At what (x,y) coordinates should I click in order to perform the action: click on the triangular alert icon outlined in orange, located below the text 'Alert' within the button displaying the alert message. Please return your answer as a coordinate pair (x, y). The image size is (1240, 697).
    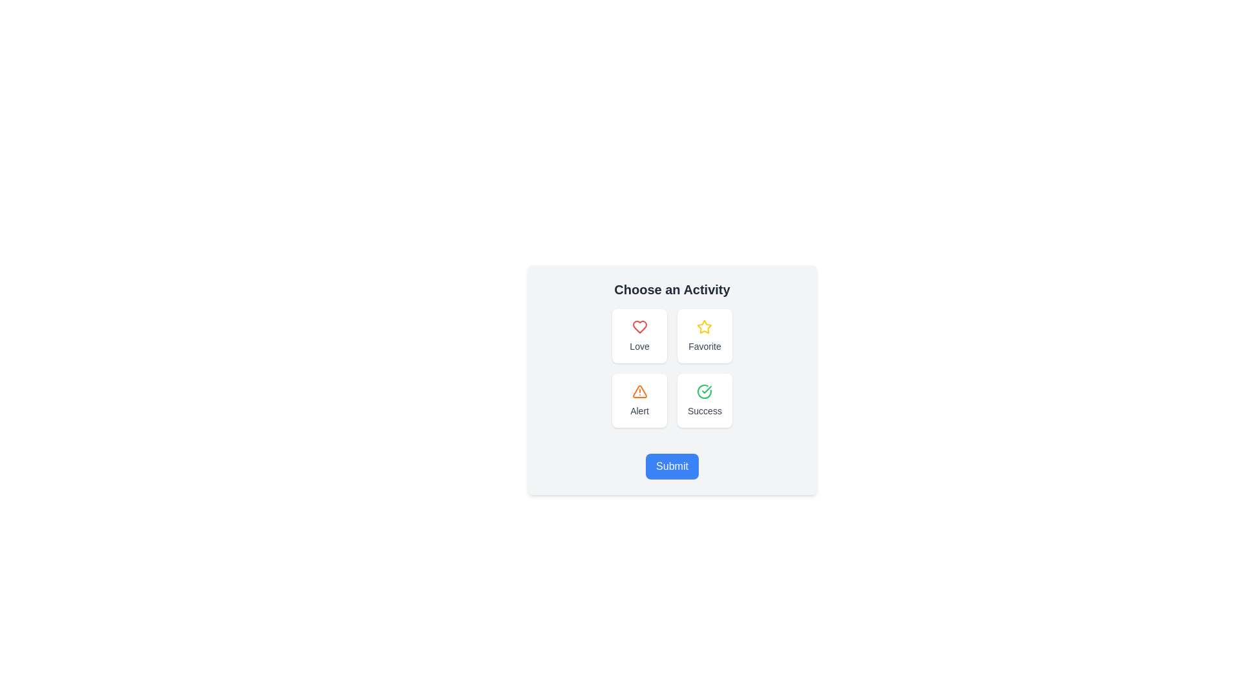
    Looking at the image, I should click on (639, 390).